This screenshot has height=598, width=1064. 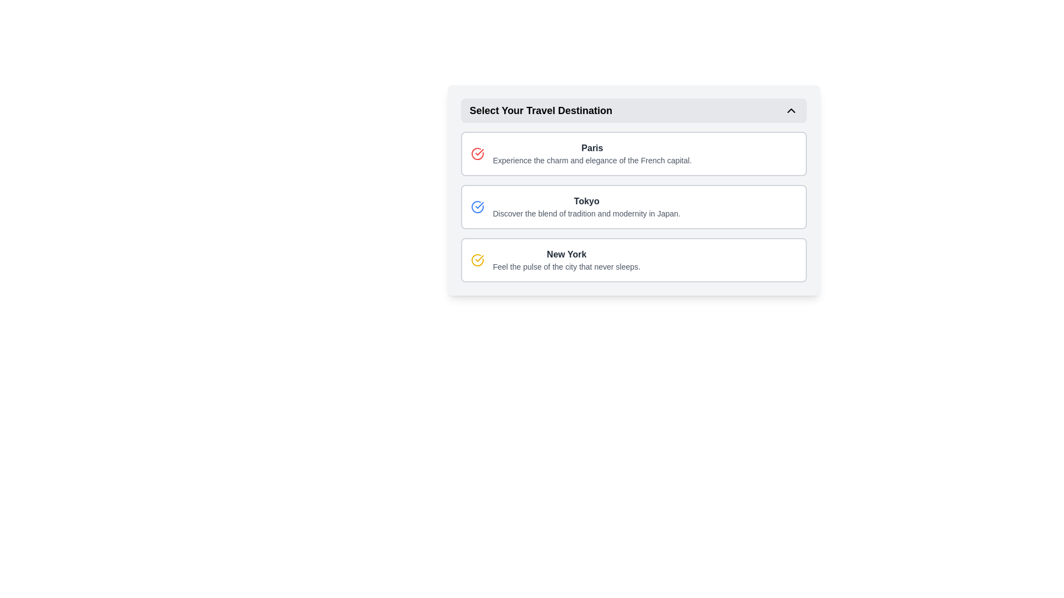 What do you see at coordinates (790, 111) in the screenshot?
I see `the Chevron Up icon located at the far right-hand side of the 'Select Your Travel Destination' header` at bounding box center [790, 111].